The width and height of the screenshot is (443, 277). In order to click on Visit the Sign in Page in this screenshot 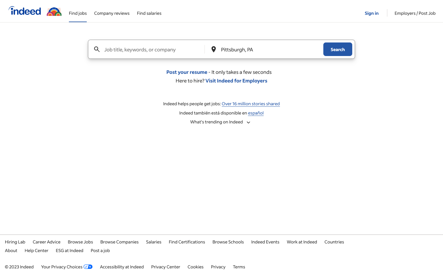, I will do `click(372, 10)`.